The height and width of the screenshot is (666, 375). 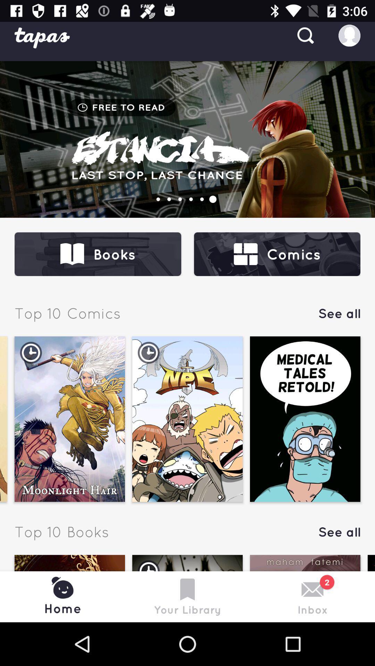 I want to click on the option which is beside your library, so click(x=305, y=588).